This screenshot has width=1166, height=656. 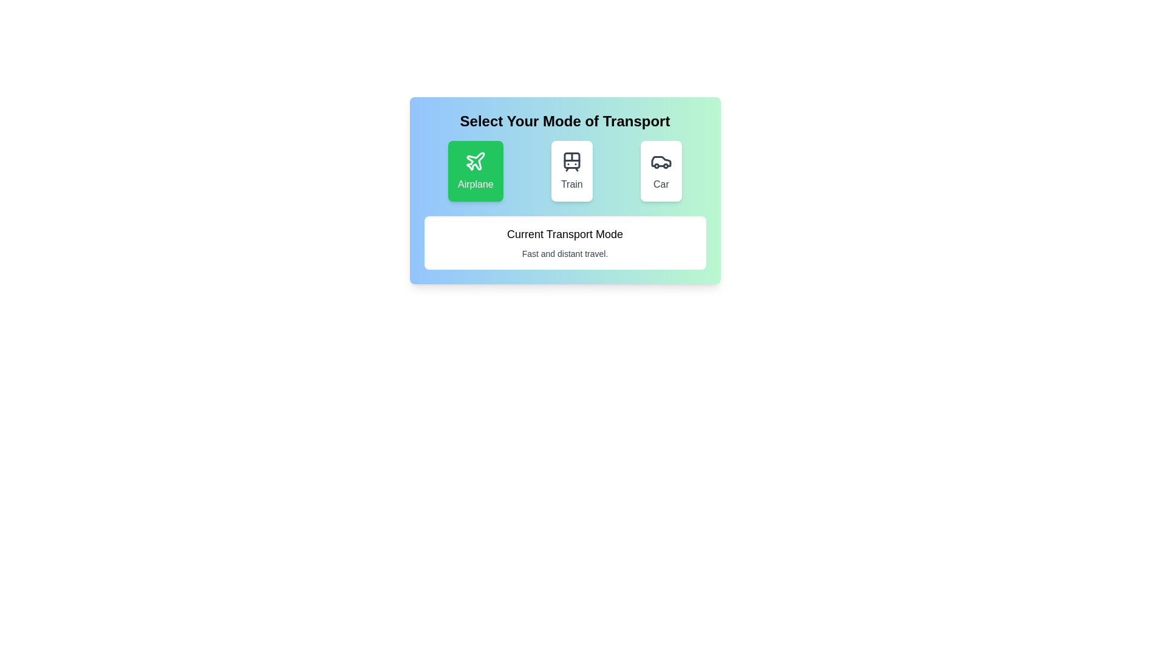 I want to click on the button corresponding to the transportation mode Airplane, so click(x=474, y=171).